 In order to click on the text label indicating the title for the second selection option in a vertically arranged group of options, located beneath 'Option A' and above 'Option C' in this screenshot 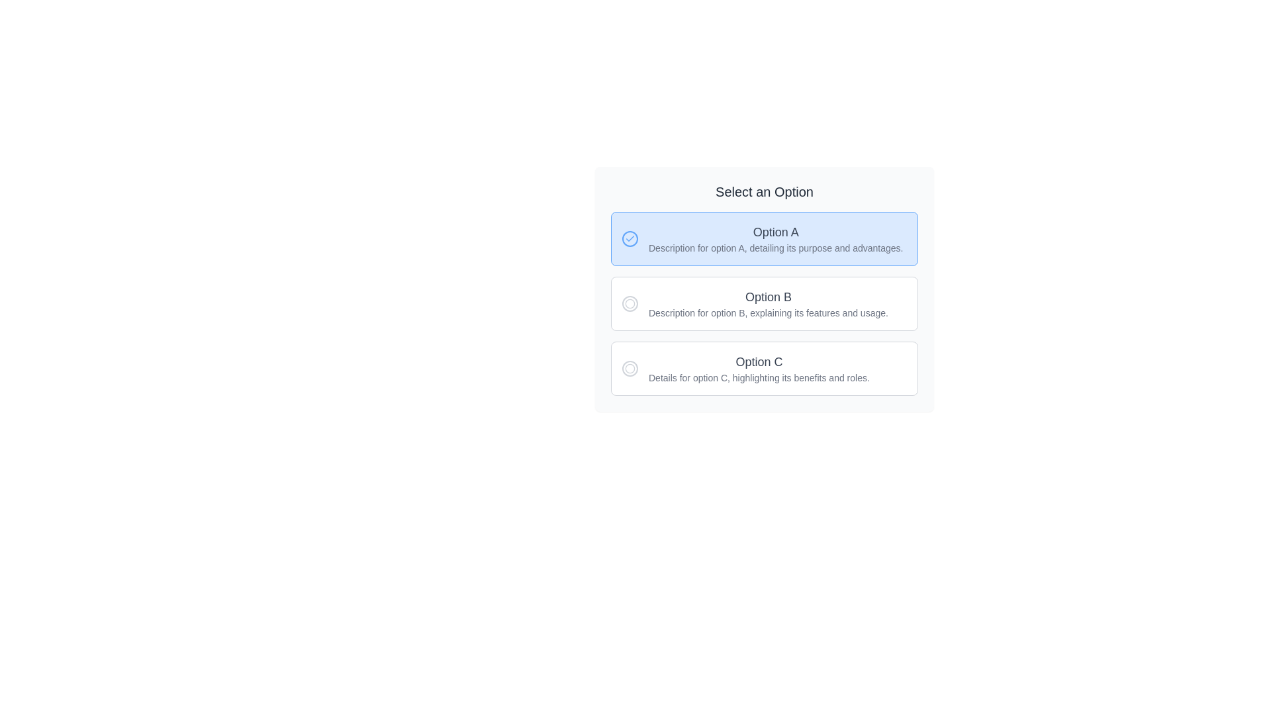, I will do `click(769, 296)`.